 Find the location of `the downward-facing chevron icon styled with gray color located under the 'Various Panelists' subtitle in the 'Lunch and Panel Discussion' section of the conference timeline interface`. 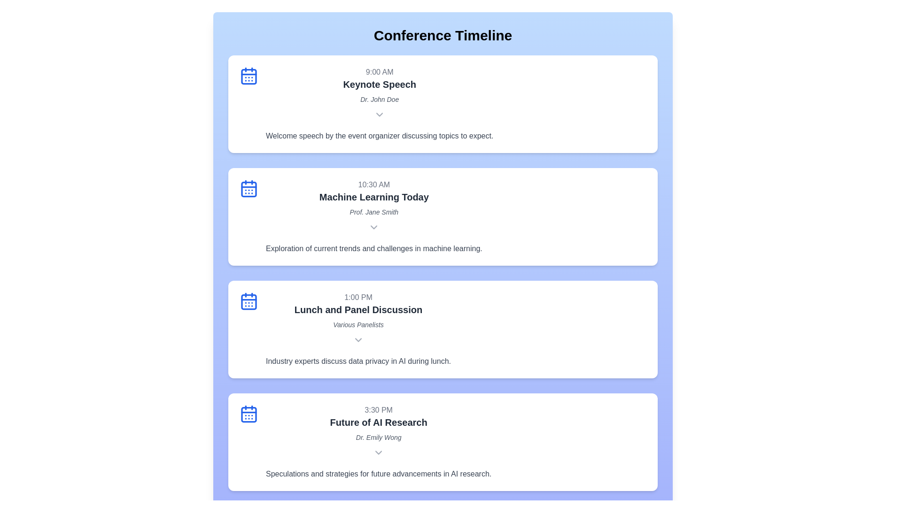

the downward-facing chevron icon styled with gray color located under the 'Various Panelists' subtitle in the 'Lunch and Panel Discussion' section of the conference timeline interface is located at coordinates (358, 341).